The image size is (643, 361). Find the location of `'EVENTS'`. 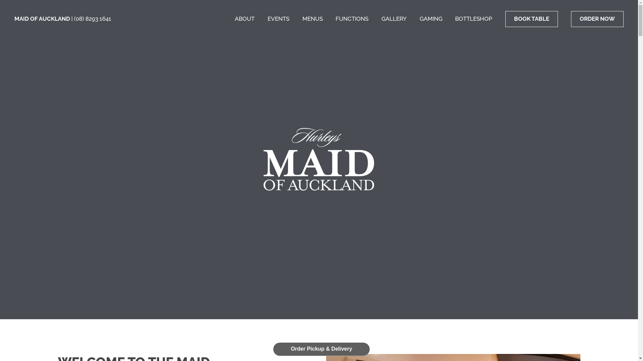

'EVENTS' is located at coordinates (267, 18).